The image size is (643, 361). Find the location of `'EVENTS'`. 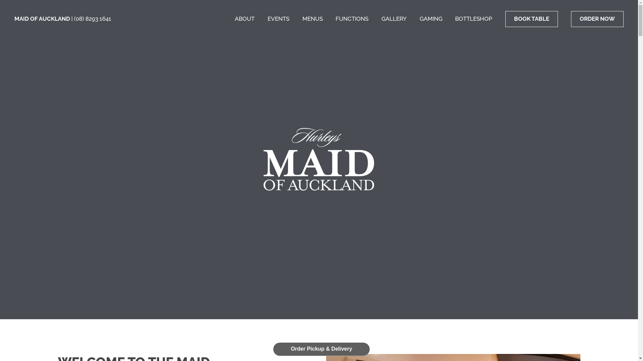

'EVENTS' is located at coordinates (267, 18).